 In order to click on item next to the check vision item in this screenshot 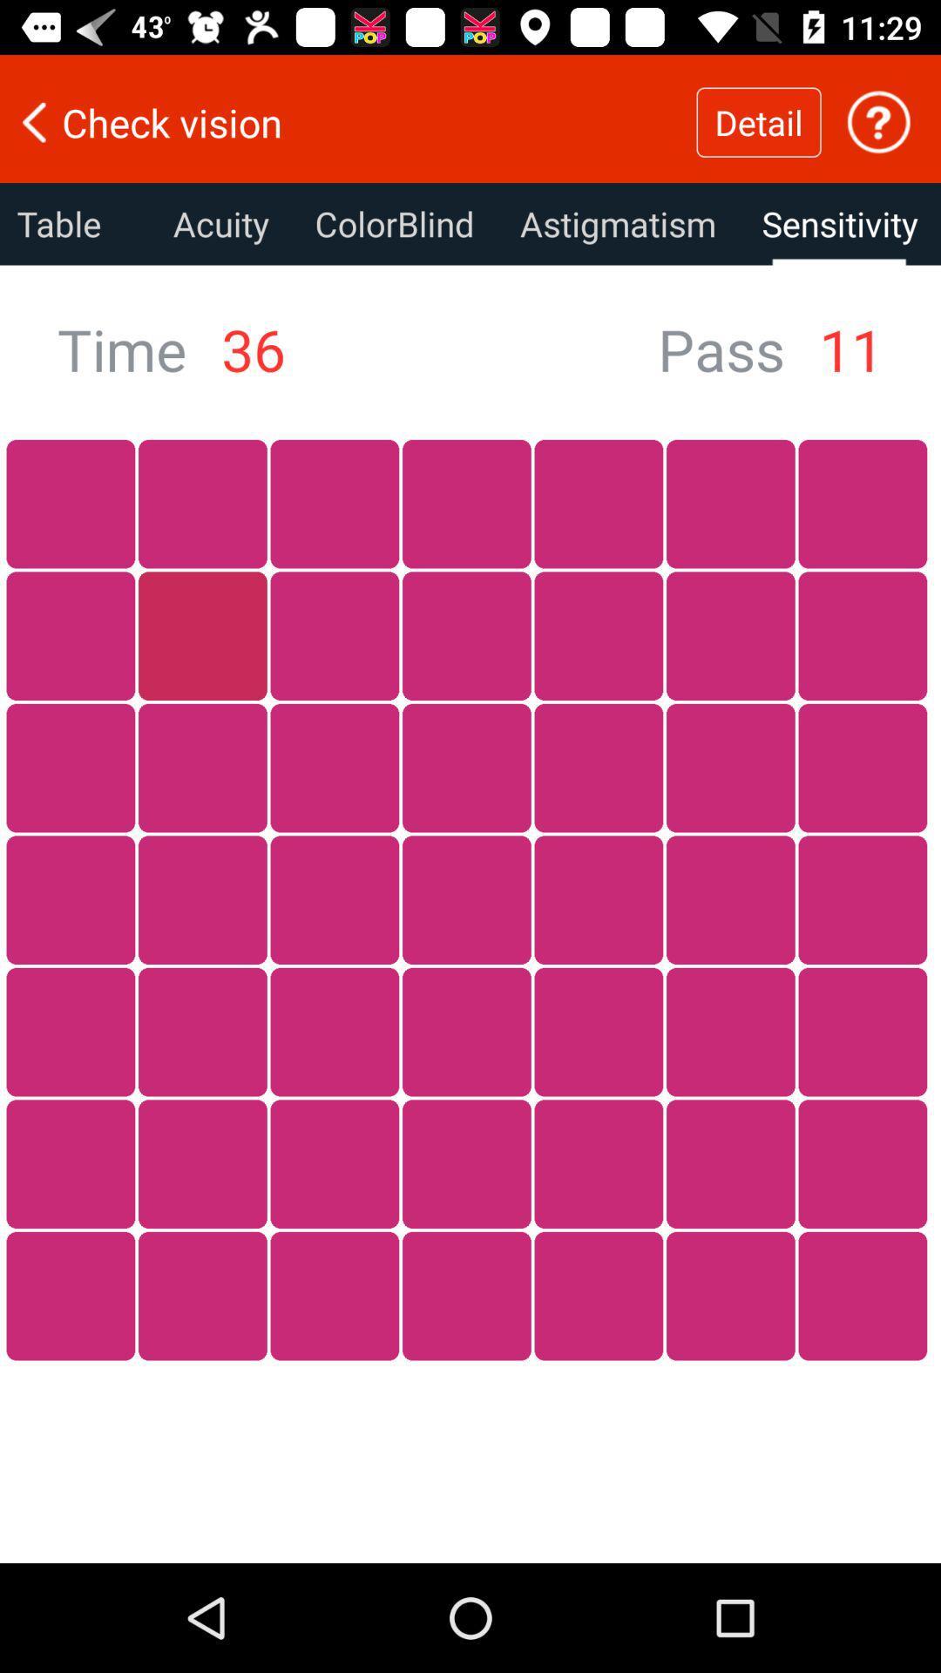, I will do `click(758, 121)`.